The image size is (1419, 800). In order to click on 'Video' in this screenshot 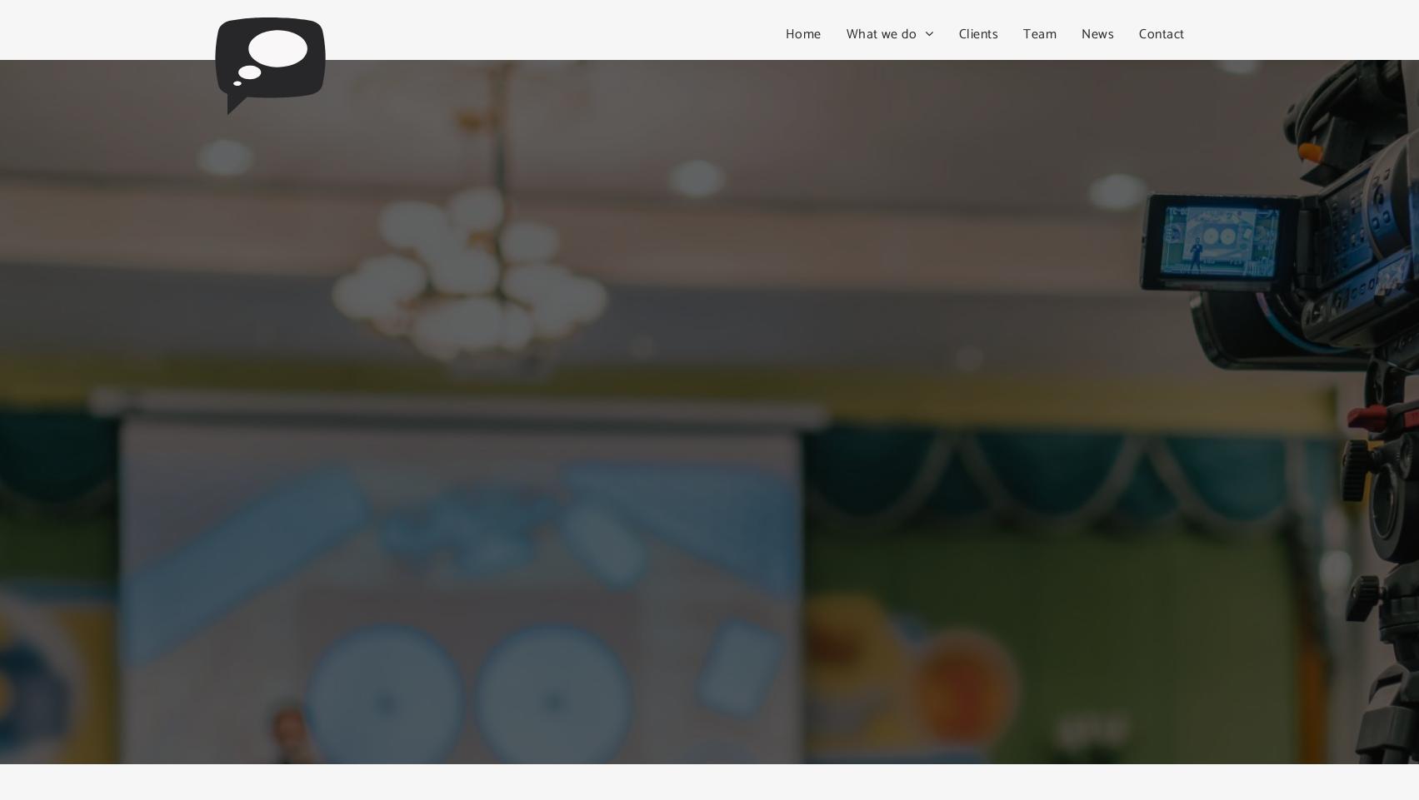, I will do `click(875, 65)`.